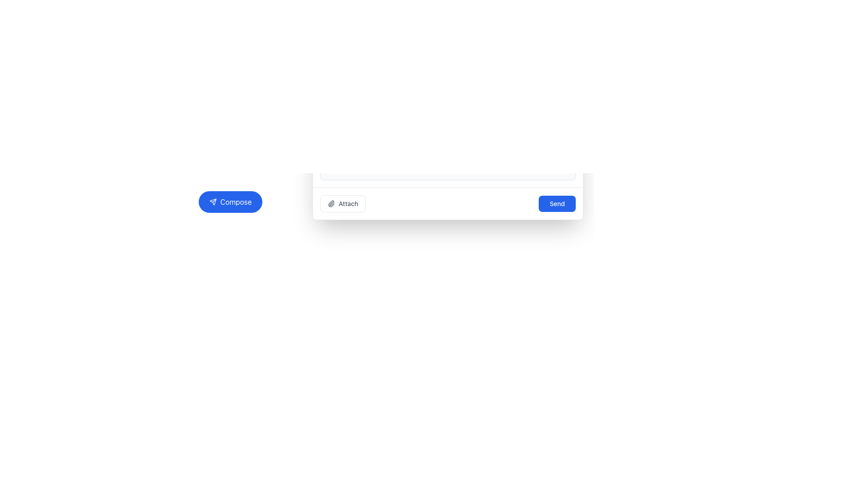 This screenshot has width=867, height=487. What do you see at coordinates (387, 201) in the screenshot?
I see `the composite UI component containing the 'Compose,' 'Attach,' and 'Send' buttons` at bounding box center [387, 201].